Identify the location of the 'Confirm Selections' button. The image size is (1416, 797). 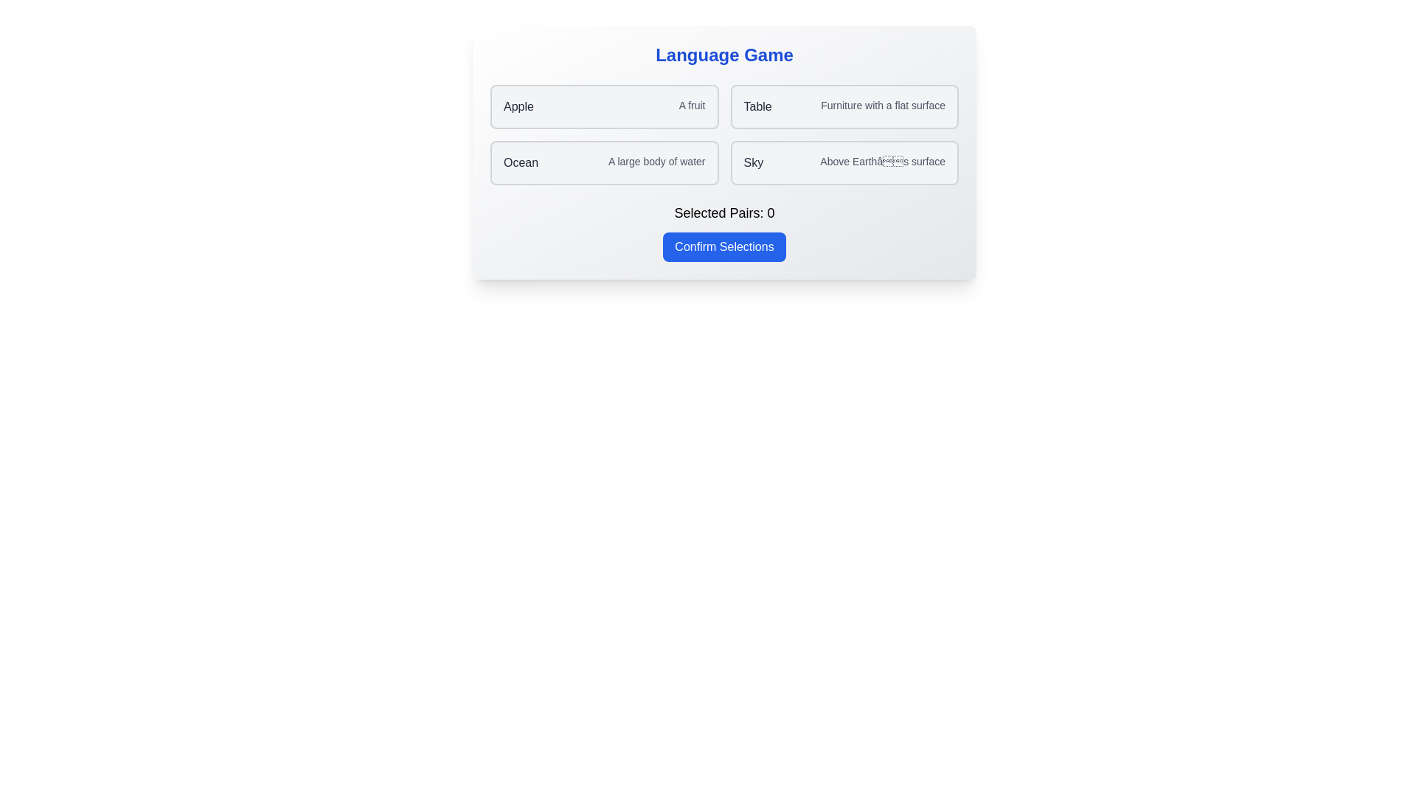
(724, 246).